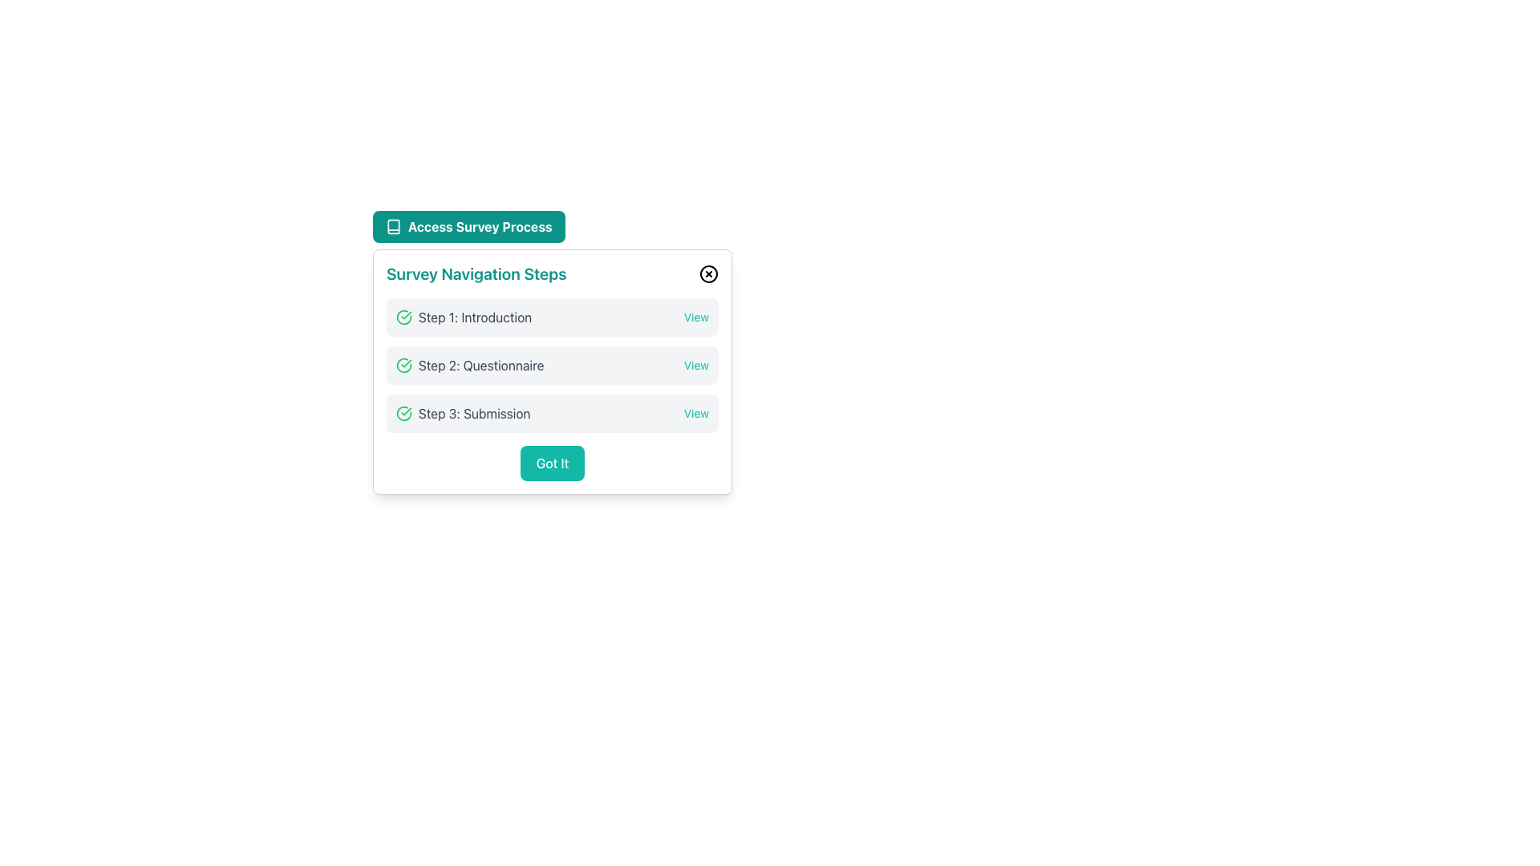  What do you see at coordinates (553, 273) in the screenshot?
I see `the header area of the modal, which includes a close button on its right side` at bounding box center [553, 273].